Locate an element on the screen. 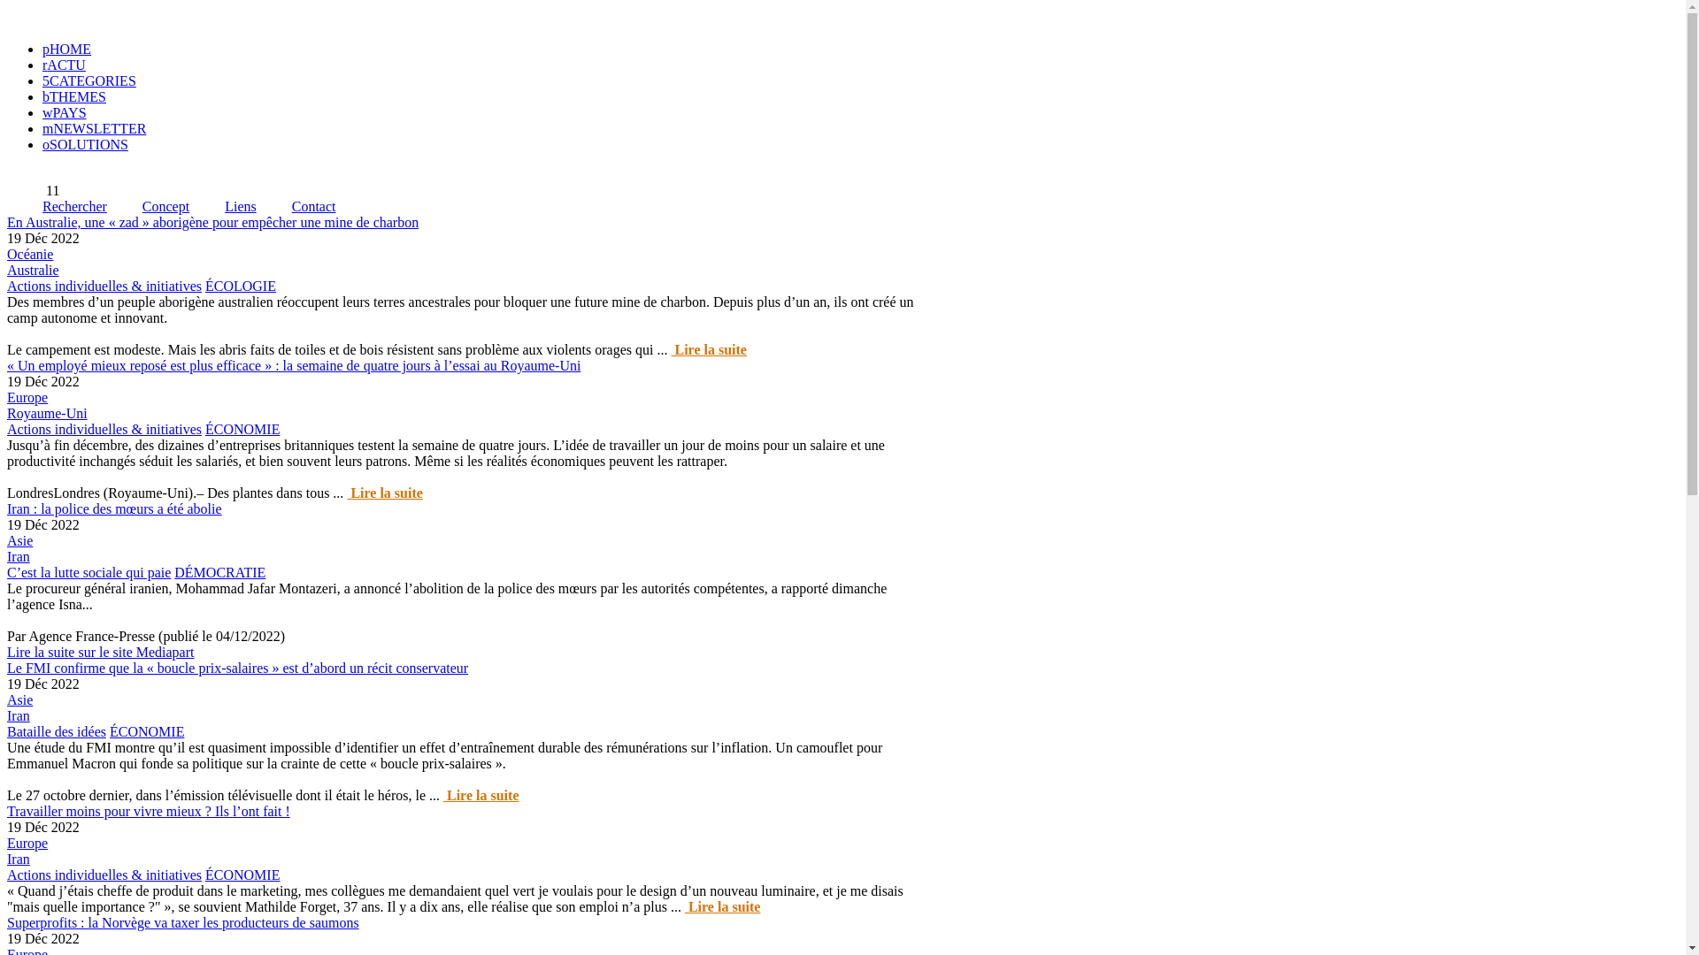 The image size is (1699, 955). 'rACTU' is located at coordinates (42, 64).